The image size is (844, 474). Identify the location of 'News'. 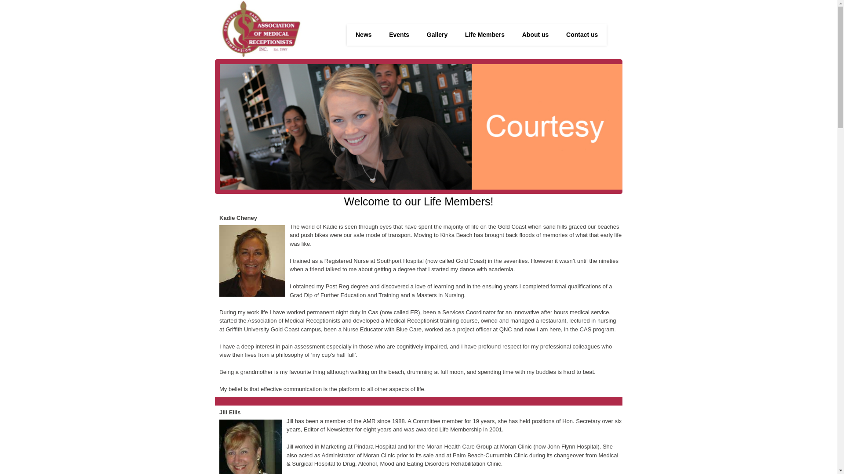
(363, 34).